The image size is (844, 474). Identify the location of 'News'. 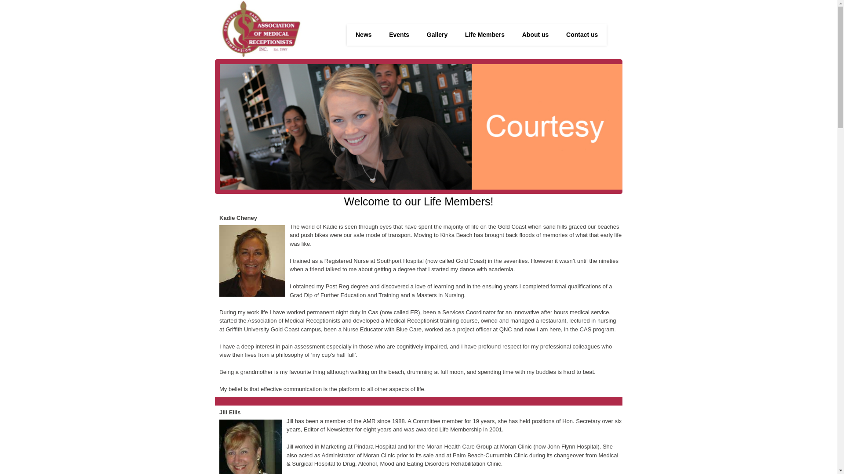
(363, 34).